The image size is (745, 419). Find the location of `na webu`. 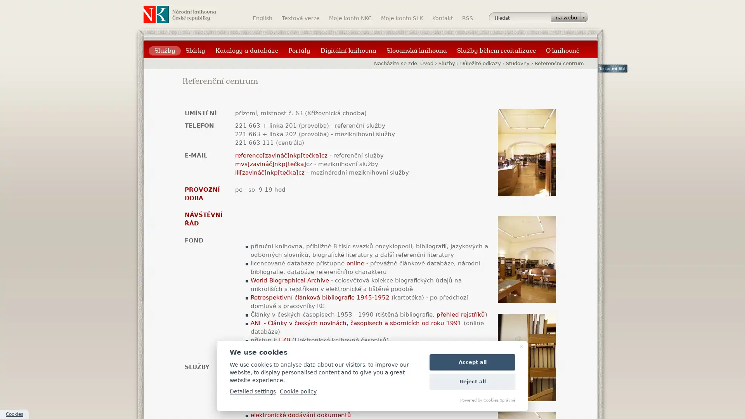

na webu is located at coordinates (566, 17).